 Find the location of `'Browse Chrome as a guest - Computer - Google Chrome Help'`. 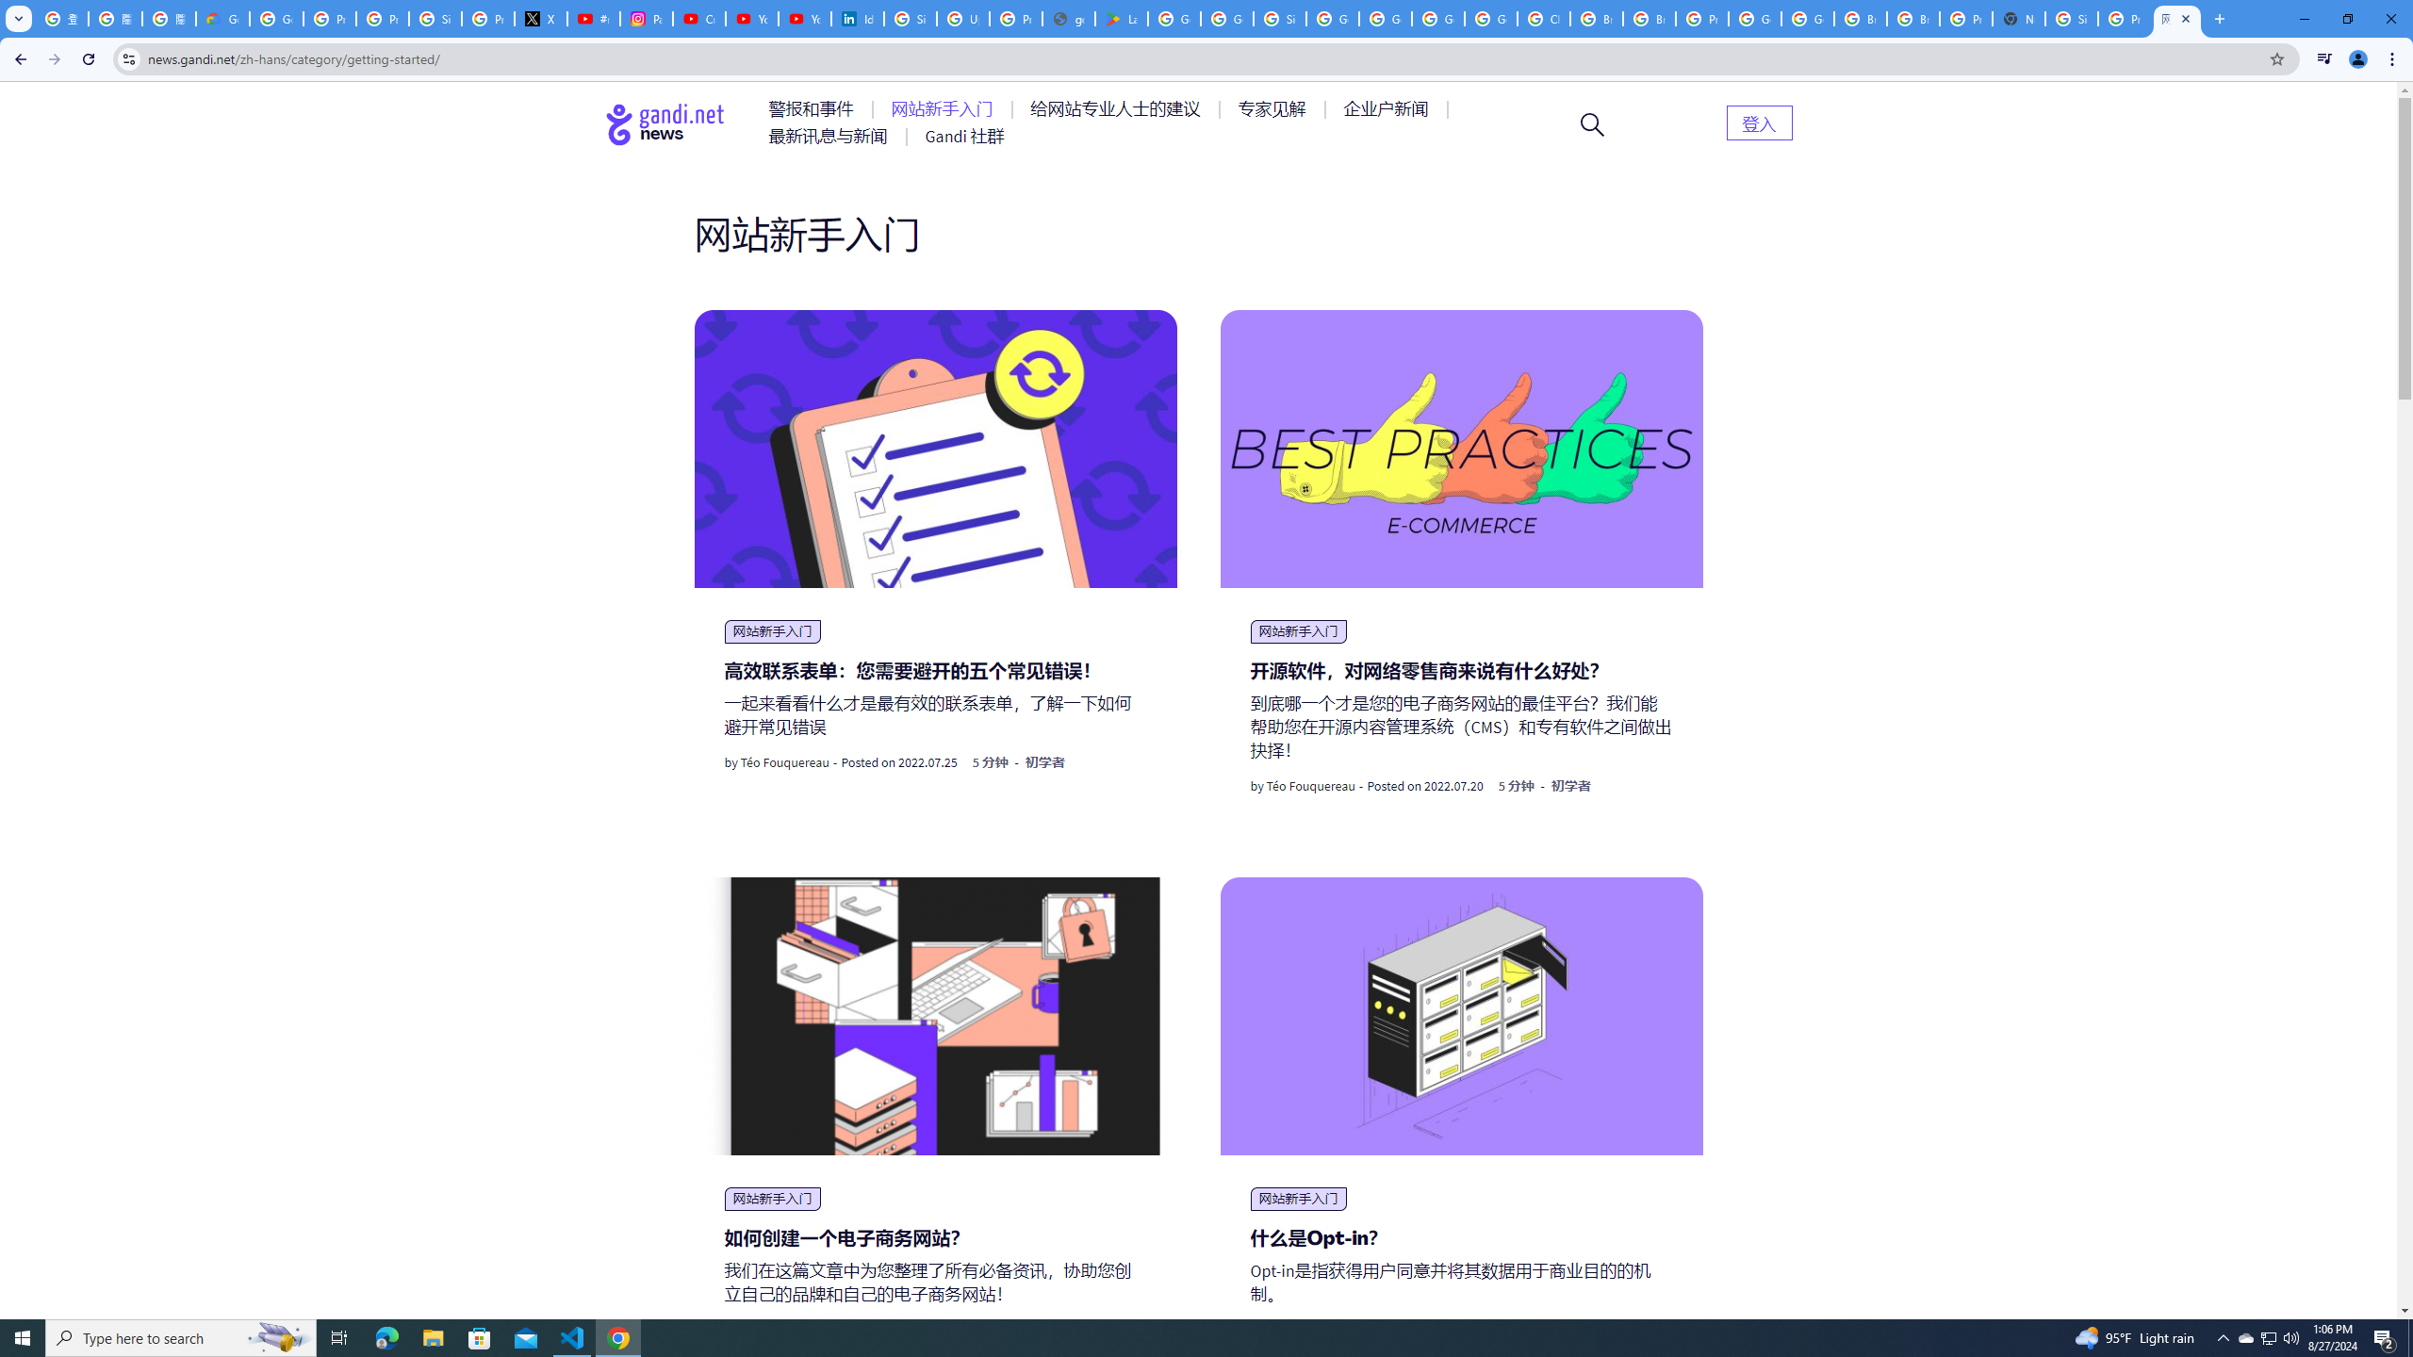

'Browse Chrome as a guest - Computer - Google Chrome Help' is located at coordinates (1913, 18).